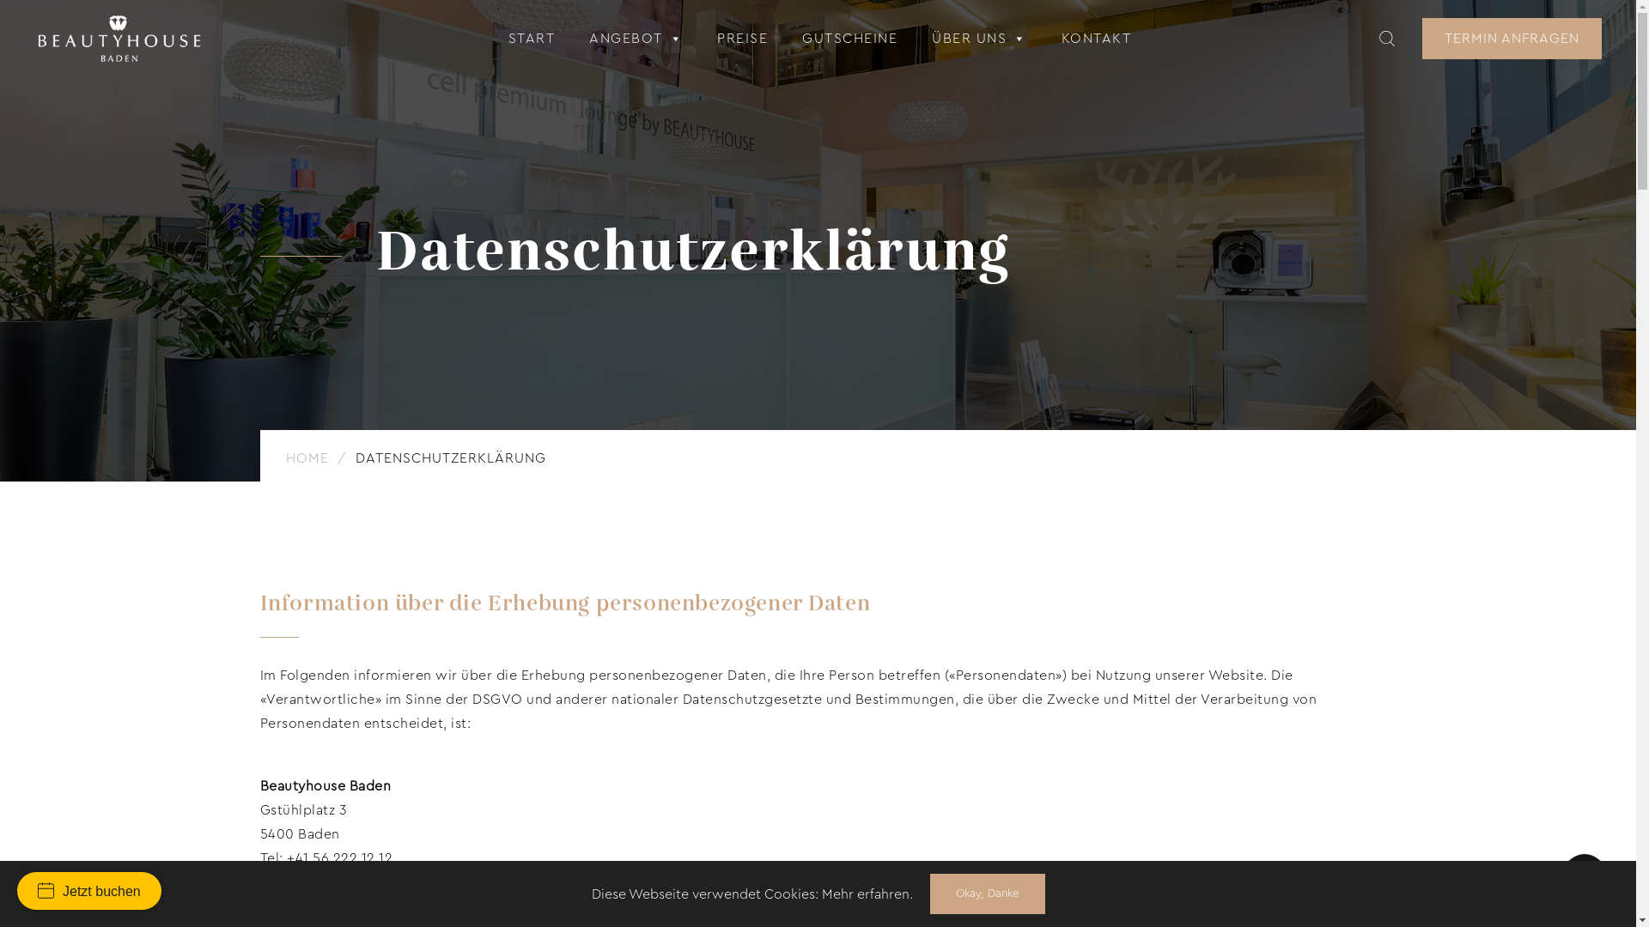  Describe the element at coordinates (307, 882) in the screenshot. I see `'info@beautyhouse-baden.ch'` at that location.